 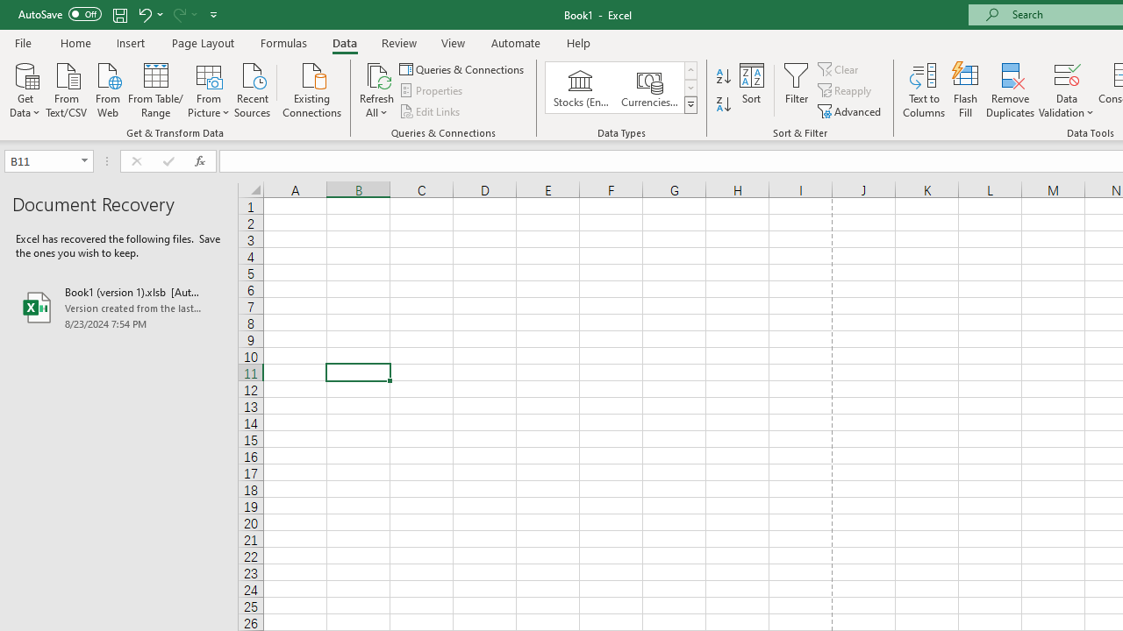 What do you see at coordinates (515, 42) in the screenshot?
I see `'Automate'` at bounding box center [515, 42].